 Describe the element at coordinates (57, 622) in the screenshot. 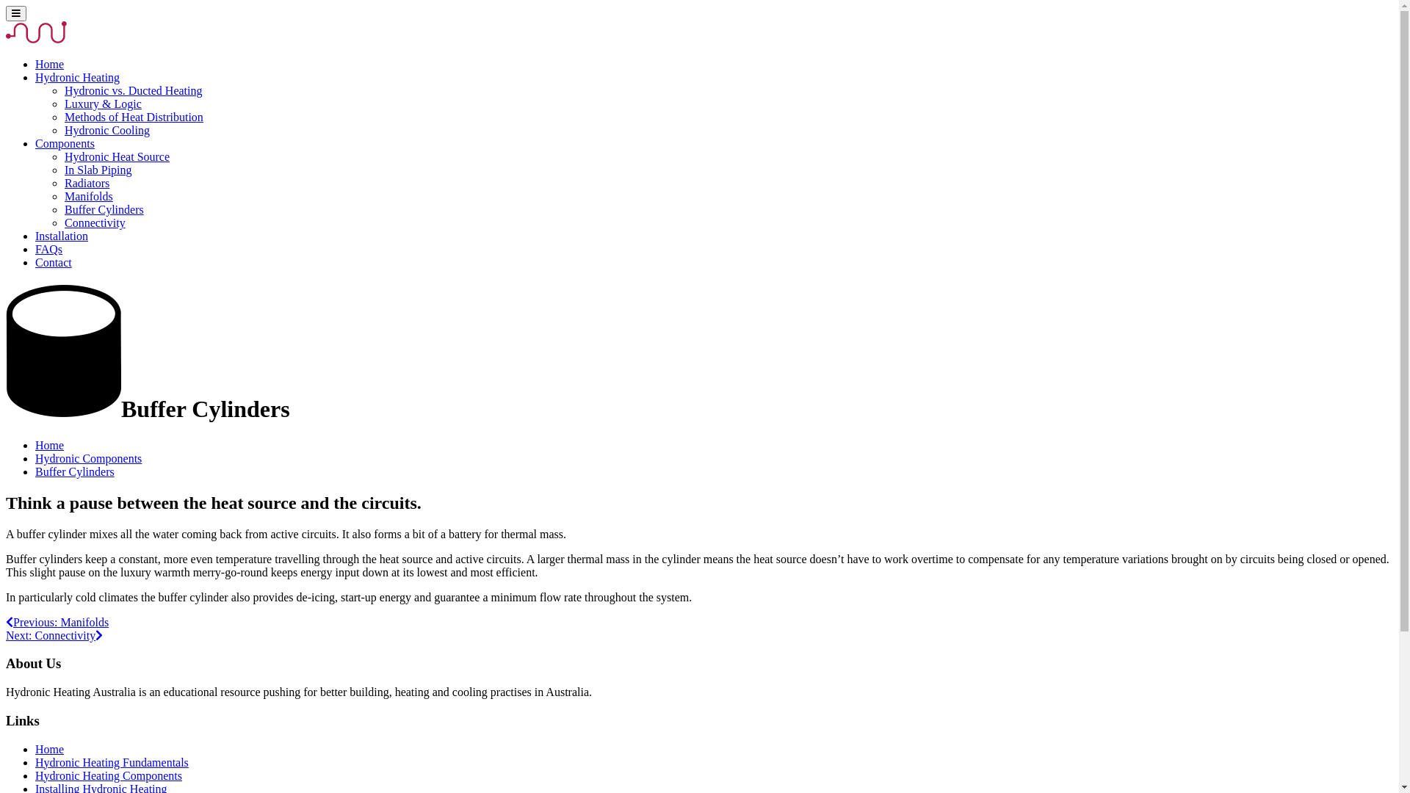

I see `'Previous: Manifolds'` at that location.